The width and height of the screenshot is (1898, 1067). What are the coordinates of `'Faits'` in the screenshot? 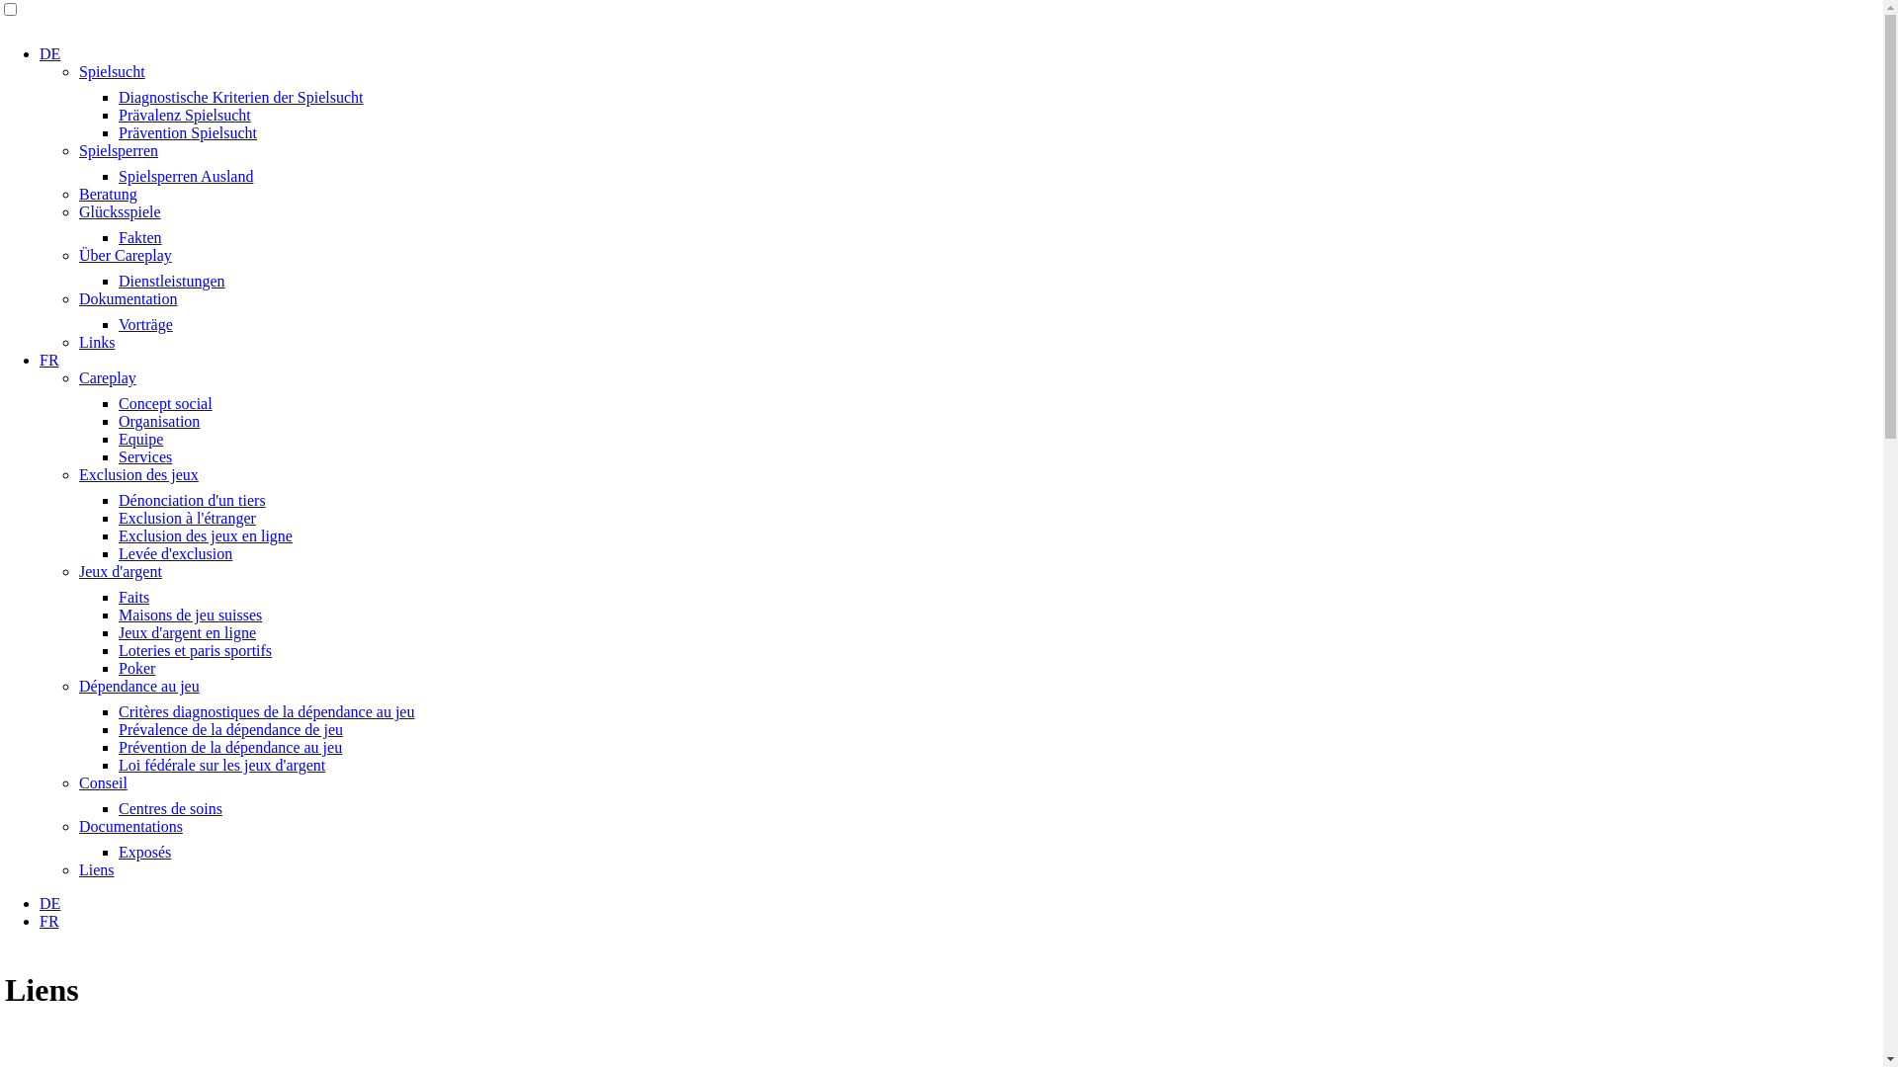 It's located at (132, 596).